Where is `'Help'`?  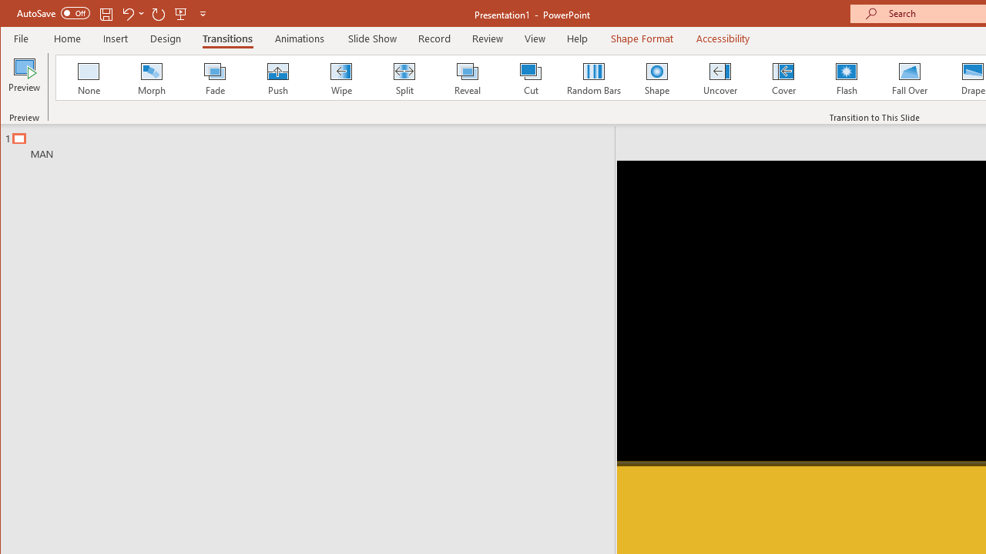
'Help' is located at coordinates (577, 38).